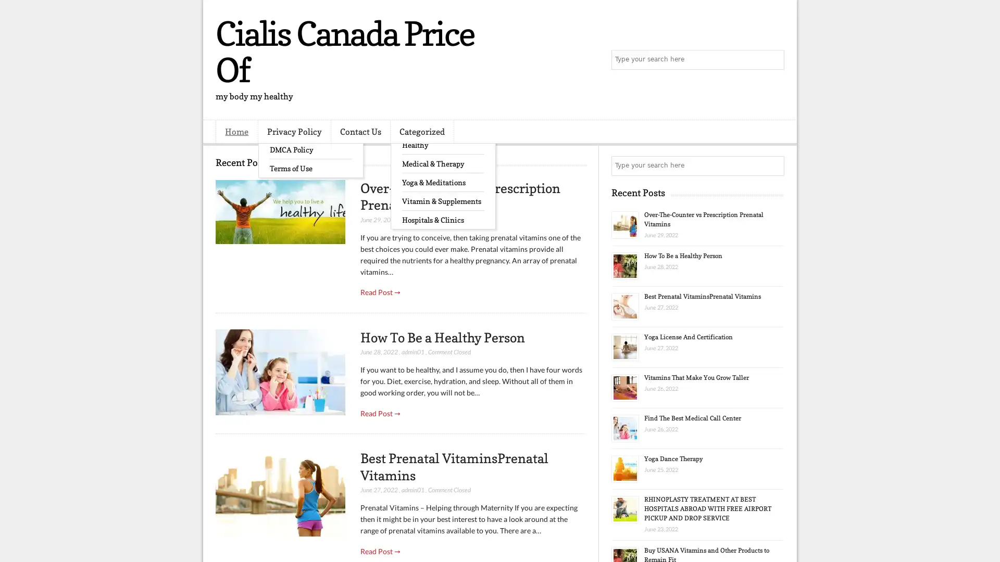  Describe the element at coordinates (773, 165) in the screenshot. I see `Search` at that location.